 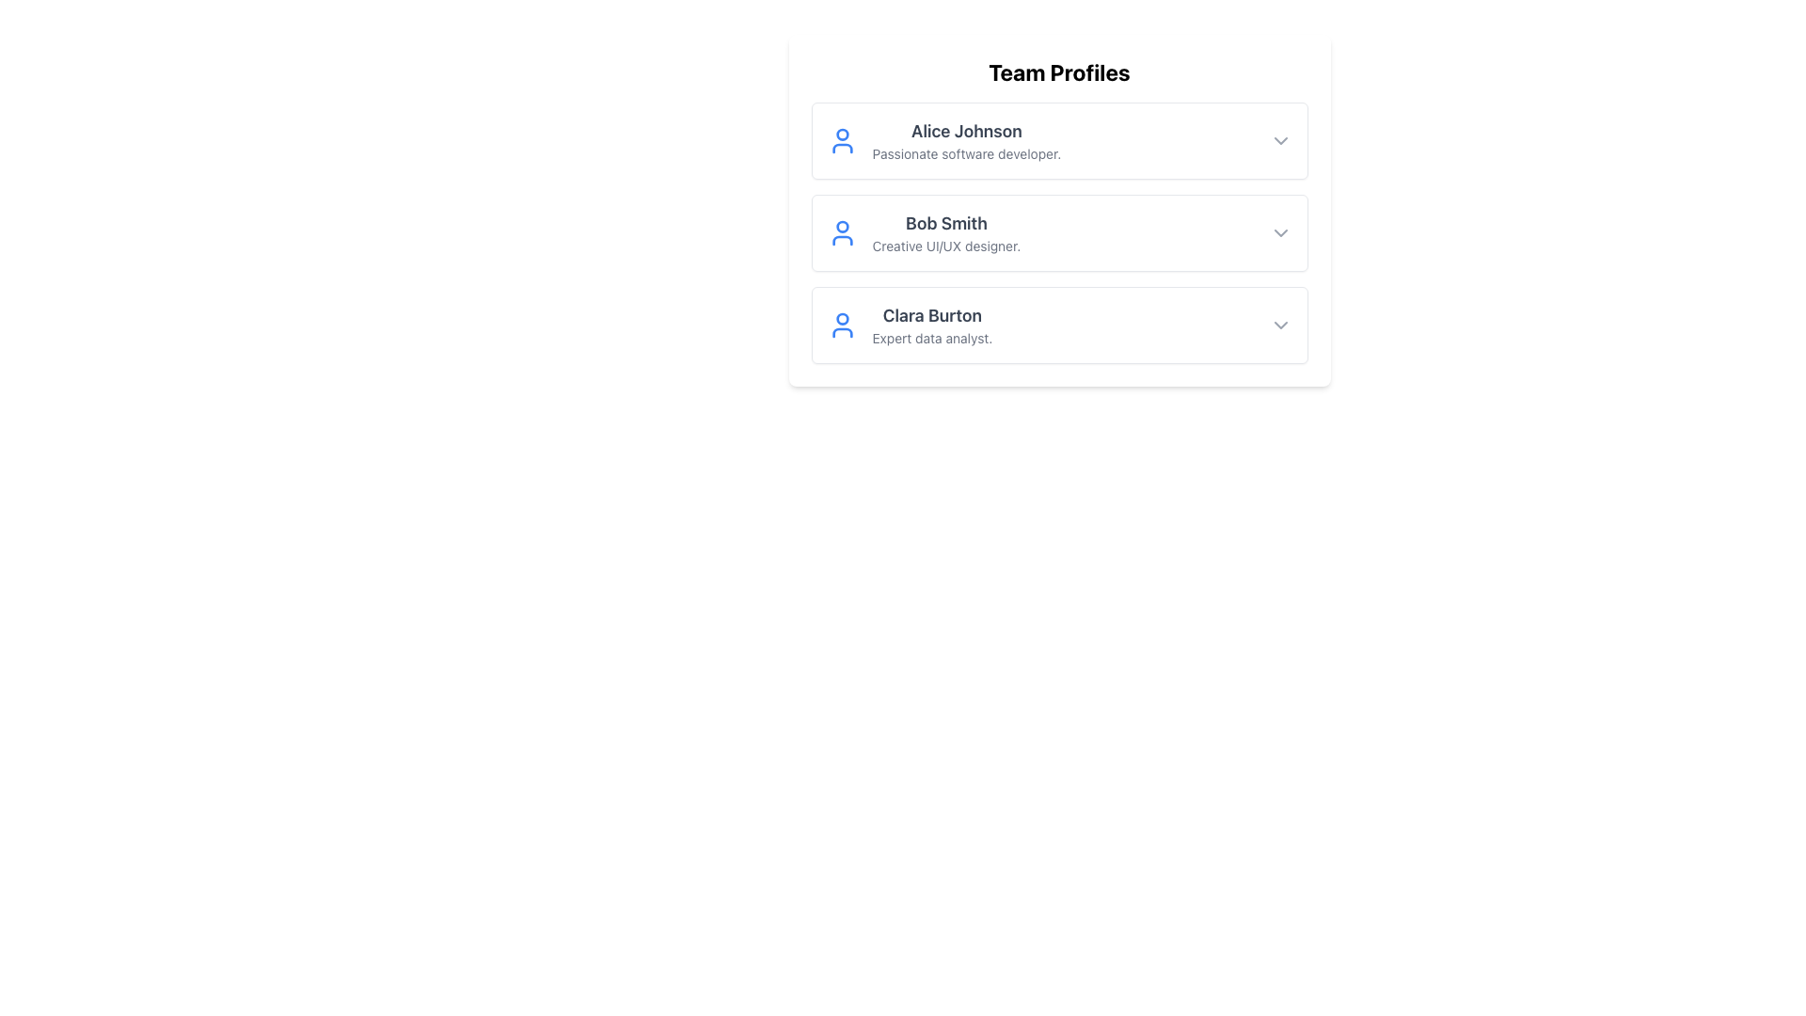 What do you see at coordinates (841, 318) in the screenshot?
I see `the decorative circle representing the head part of the user icon next to 'Clara Burton' in the 'Team Profiles' section` at bounding box center [841, 318].